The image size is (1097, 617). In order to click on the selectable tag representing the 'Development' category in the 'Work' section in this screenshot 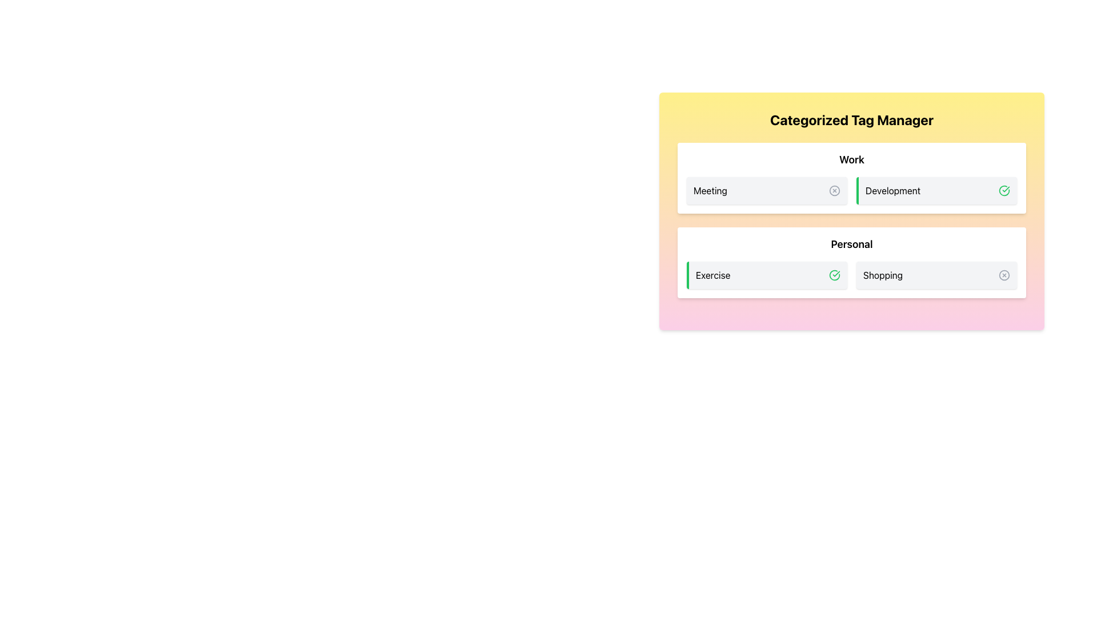, I will do `click(936, 190)`.